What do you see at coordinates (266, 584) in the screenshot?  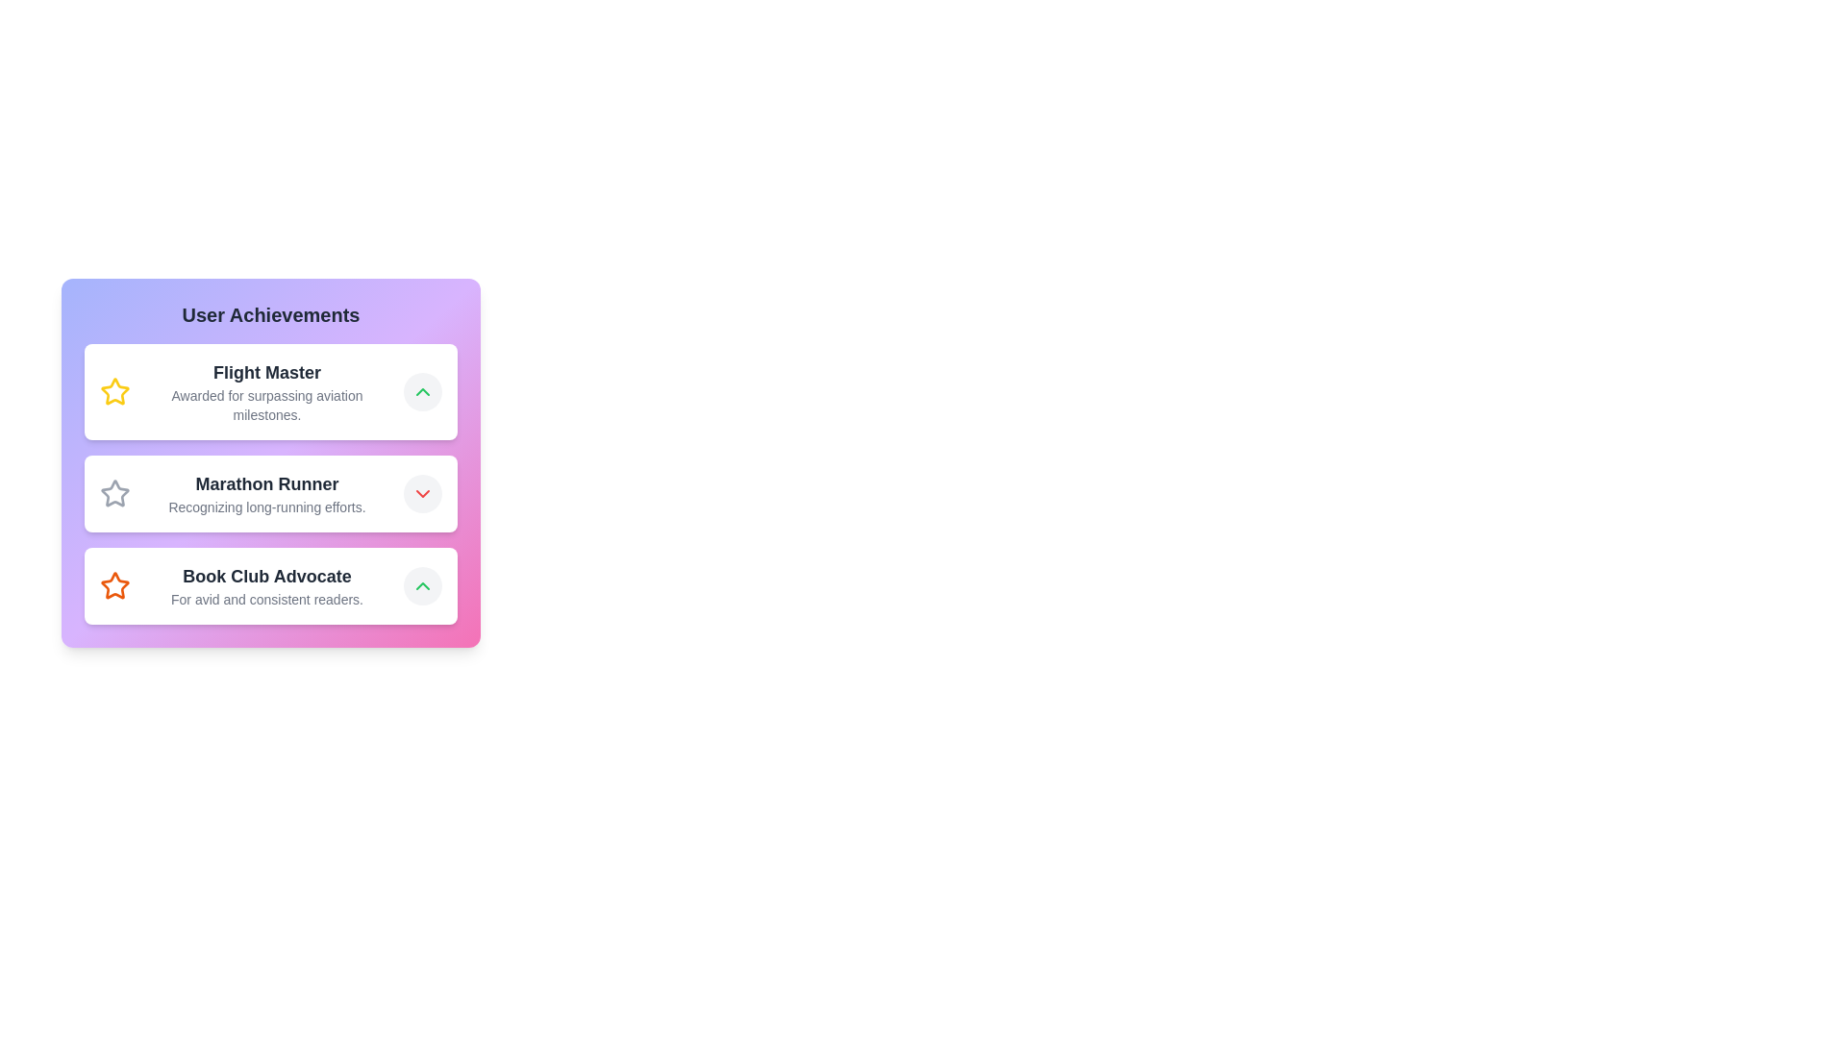 I see `the Text display component that shows 'Book Club Advocate' and 'For avid and consistent readers.' in a vertical stack, located in the third item of the user achievements list` at bounding box center [266, 584].